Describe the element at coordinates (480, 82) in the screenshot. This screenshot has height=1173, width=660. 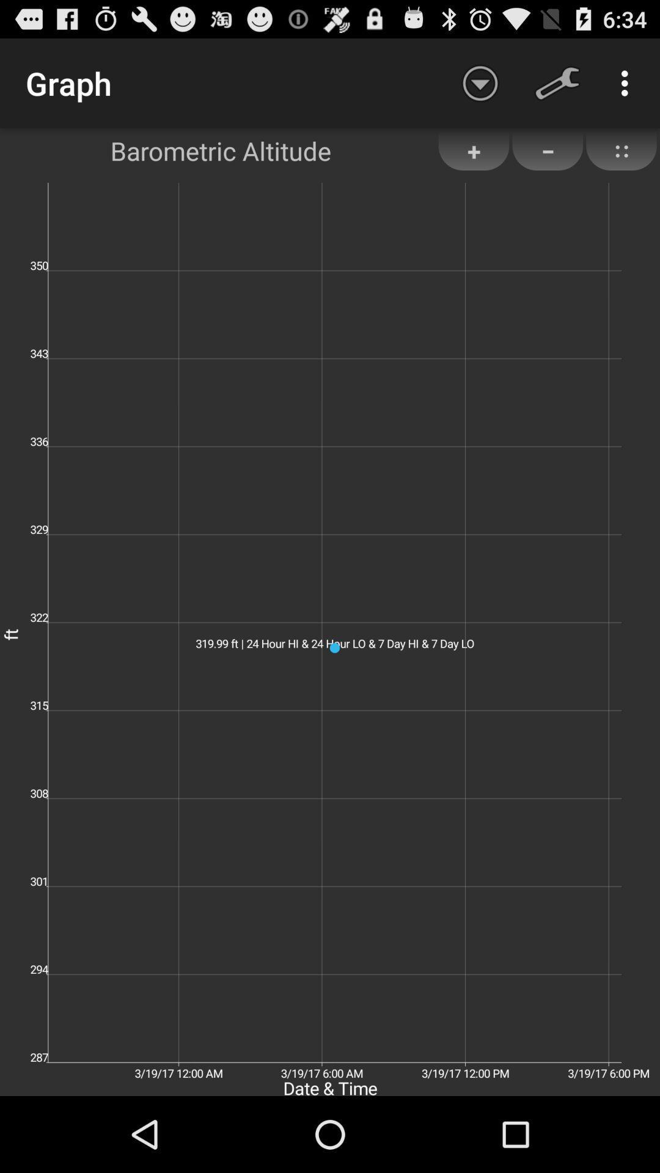
I see `app next to the barometric altitude` at that location.